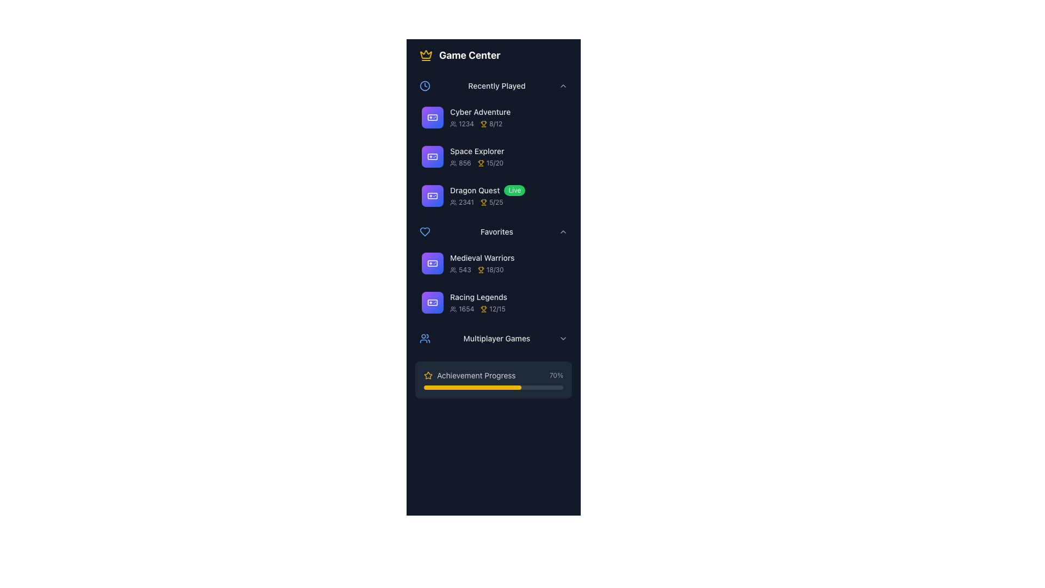 The height and width of the screenshot is (588, 1045). What do you see at coordinates (466, 309) in the screenshot?
I see `the text indicating the count of users or plays located to the right of the user icon in the 'Racing Legends' item under the Favorites section` at bounding box center [466, 309].